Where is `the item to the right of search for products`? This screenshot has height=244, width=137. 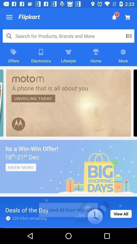
the item to the right of search for products is located at coordinates (129, 36).